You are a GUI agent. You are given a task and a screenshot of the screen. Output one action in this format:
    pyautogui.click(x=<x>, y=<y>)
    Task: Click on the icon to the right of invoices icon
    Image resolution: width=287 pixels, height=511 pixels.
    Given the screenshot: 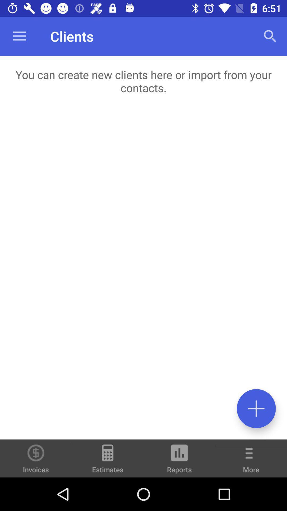 What is the action you would take?
    pyautogui.click(x=108, y=461)
    